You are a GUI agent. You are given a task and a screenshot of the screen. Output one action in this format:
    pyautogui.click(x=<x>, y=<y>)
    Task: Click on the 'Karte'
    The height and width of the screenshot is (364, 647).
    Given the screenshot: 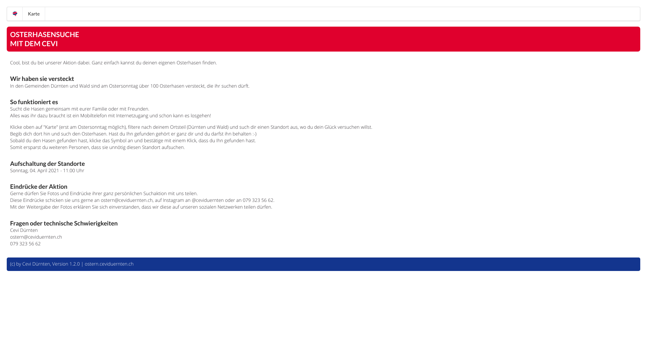 What is the action you would take?
    pyautogui.click(x=23, y=14)
    